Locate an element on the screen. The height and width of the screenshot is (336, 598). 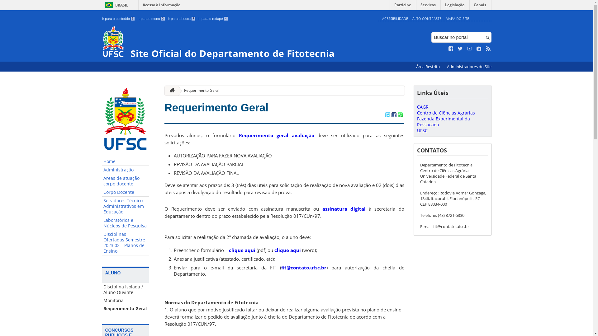
'Monitoria' is located at coordinates (125, 300).